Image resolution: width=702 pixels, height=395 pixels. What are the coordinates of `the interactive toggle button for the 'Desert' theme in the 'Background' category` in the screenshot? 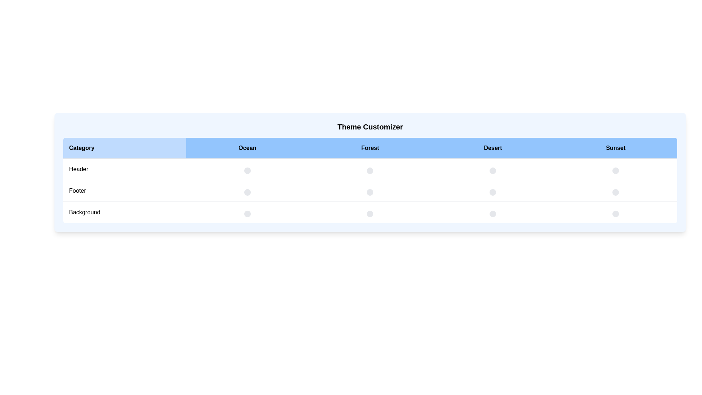 It's located at (493, 214).